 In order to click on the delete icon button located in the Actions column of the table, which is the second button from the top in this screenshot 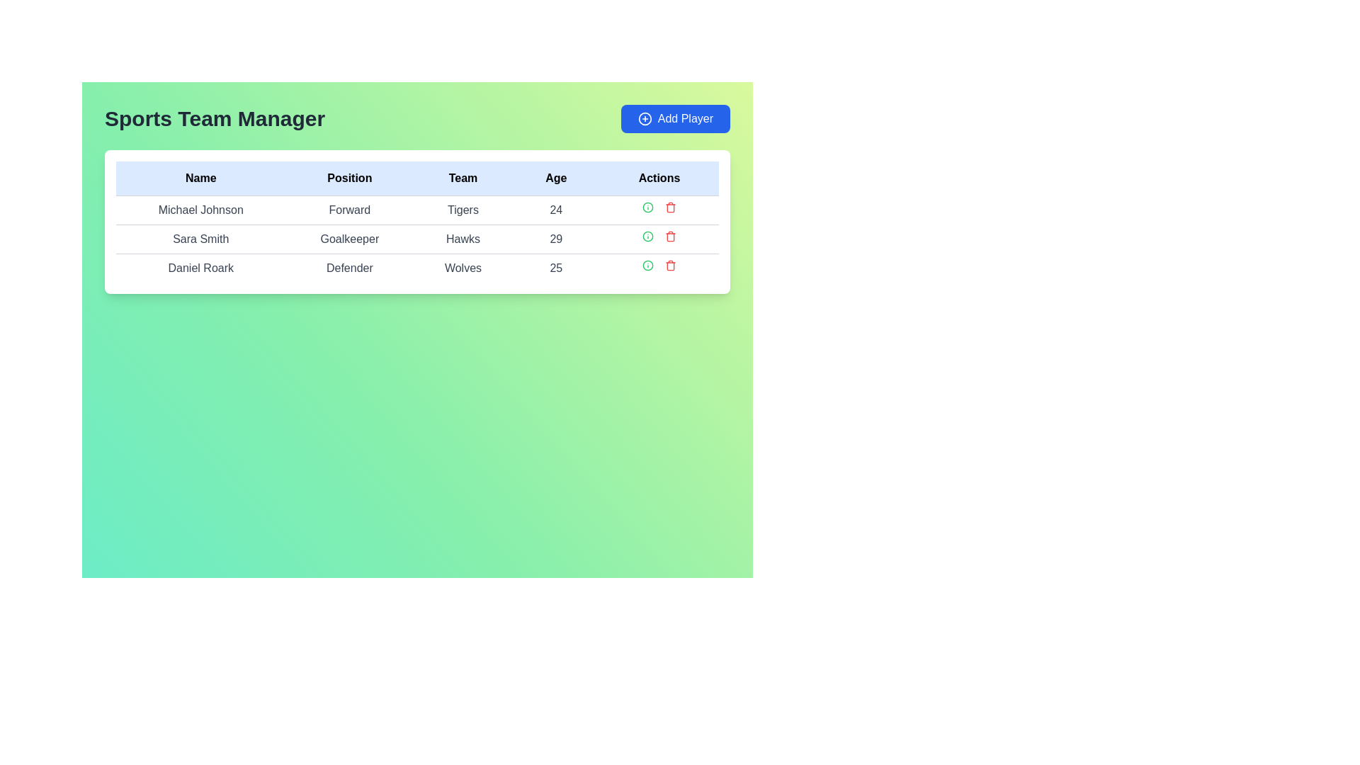, I will do `click(669, 208)`.